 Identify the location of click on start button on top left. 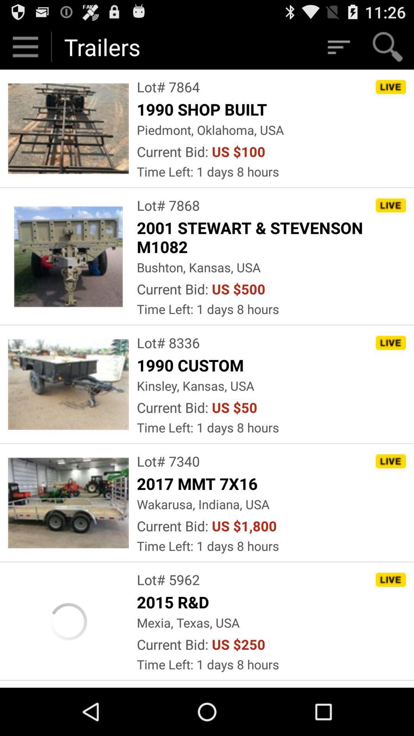
(25, 46).